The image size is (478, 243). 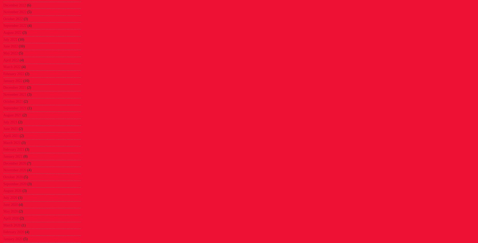 What do you see at coordinates (3, 238) in the screenshot?
I see `'January 2020'` at bounding box center [3, 238].